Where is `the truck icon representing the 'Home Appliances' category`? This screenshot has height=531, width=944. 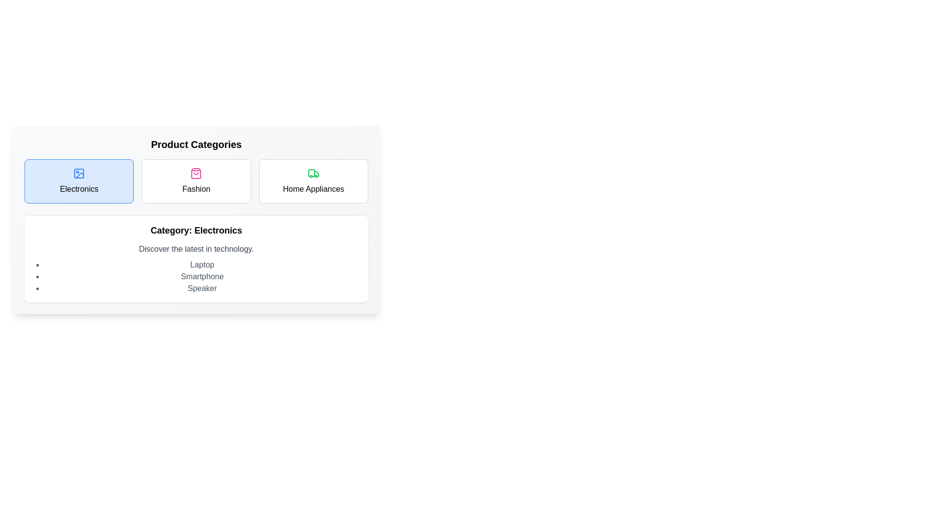 the truck icon representing the 'Home Appliances' category is located at coordinates (313, 173).